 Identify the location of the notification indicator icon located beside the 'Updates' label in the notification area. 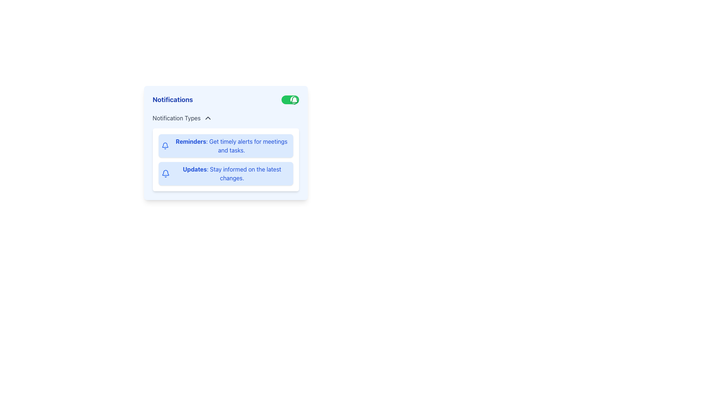
(165, 173).